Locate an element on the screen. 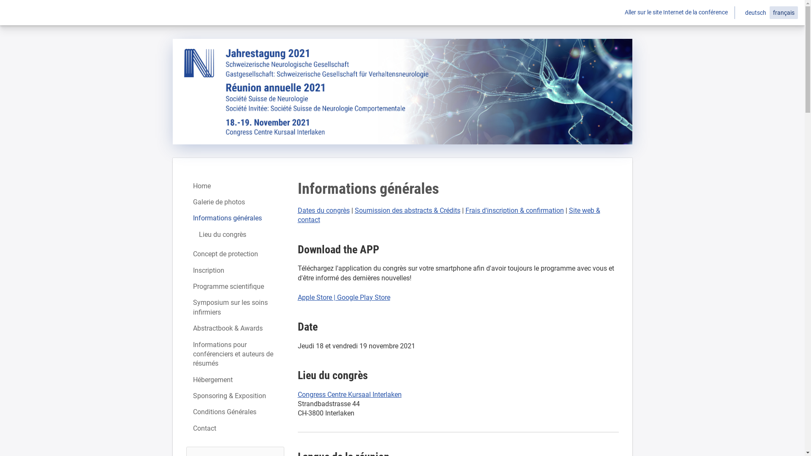 The image size is (811, 456). 'Programme scientifique' is located at coordinates (235, 286).